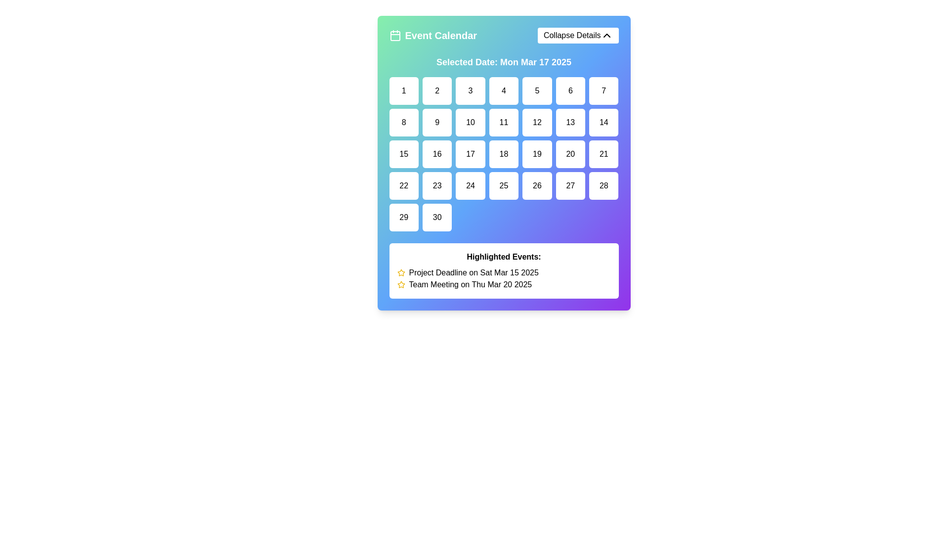 The image size is (949, 534). I want to click on the 'Collapse Details' button, so click(578, 35).